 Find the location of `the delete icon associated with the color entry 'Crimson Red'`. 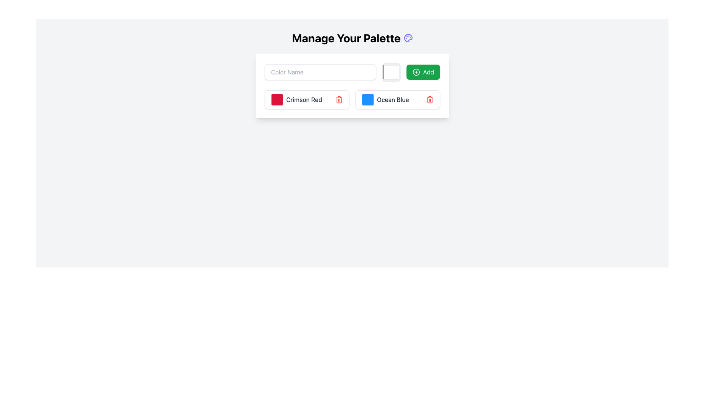

the delete icon associated with the color entry 'Crimson Red' is located at coordinates (339, 100).